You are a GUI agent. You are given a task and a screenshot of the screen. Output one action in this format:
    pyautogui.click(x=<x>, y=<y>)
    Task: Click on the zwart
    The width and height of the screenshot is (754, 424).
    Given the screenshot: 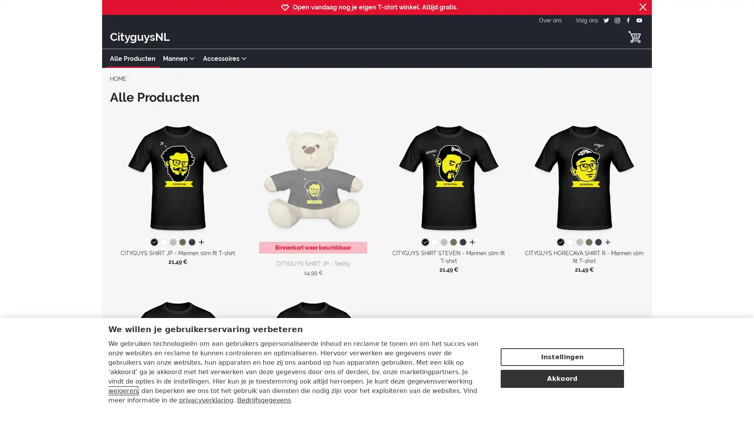 What is the action you would take?
    pyautogui.click(x=424, y=242)
    